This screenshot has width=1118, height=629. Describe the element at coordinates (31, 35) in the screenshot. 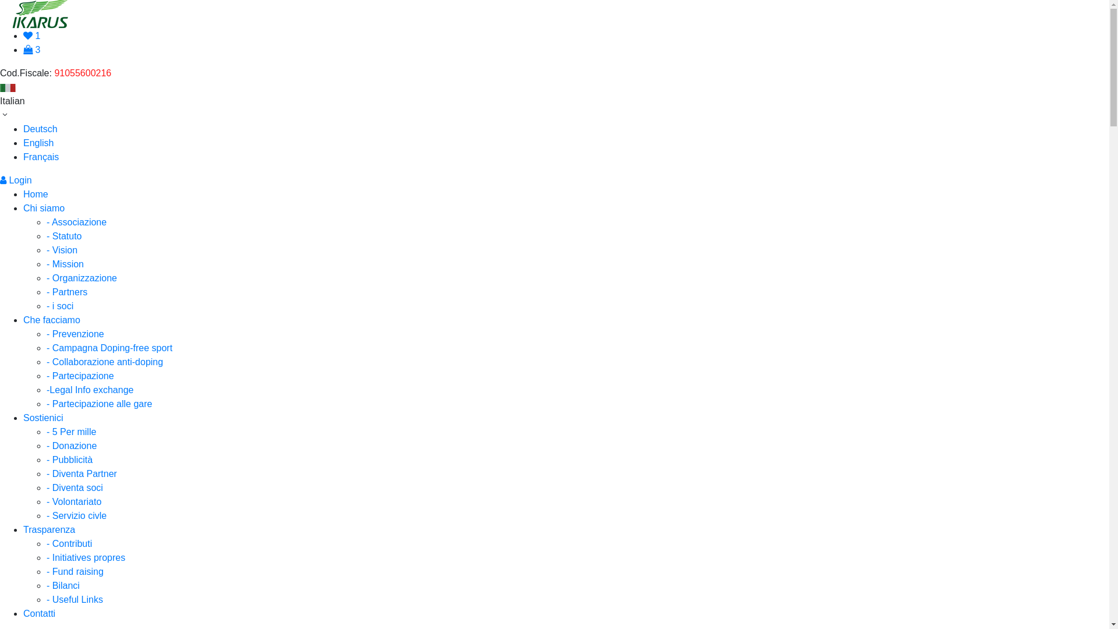

I see `'1'` at that location.